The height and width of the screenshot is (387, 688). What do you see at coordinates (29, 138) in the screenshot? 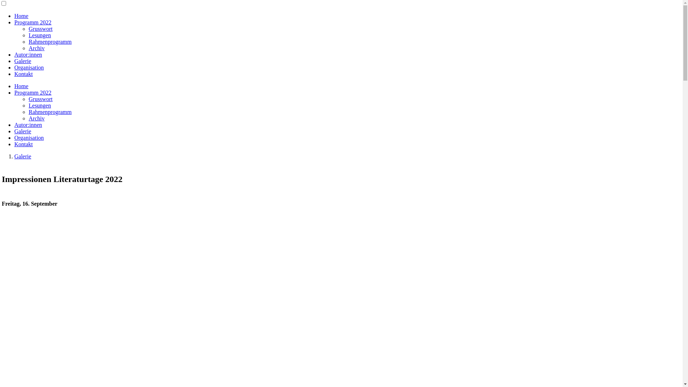
I see `'Organisation'` at bounding box center [29, 138].